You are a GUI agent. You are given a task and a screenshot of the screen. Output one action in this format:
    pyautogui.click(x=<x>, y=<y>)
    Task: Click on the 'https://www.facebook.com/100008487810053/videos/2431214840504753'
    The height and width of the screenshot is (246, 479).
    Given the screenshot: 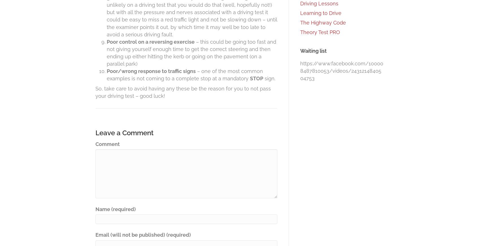 What is the action you would take?
    pyautogui.click(x=300, y=70)
    